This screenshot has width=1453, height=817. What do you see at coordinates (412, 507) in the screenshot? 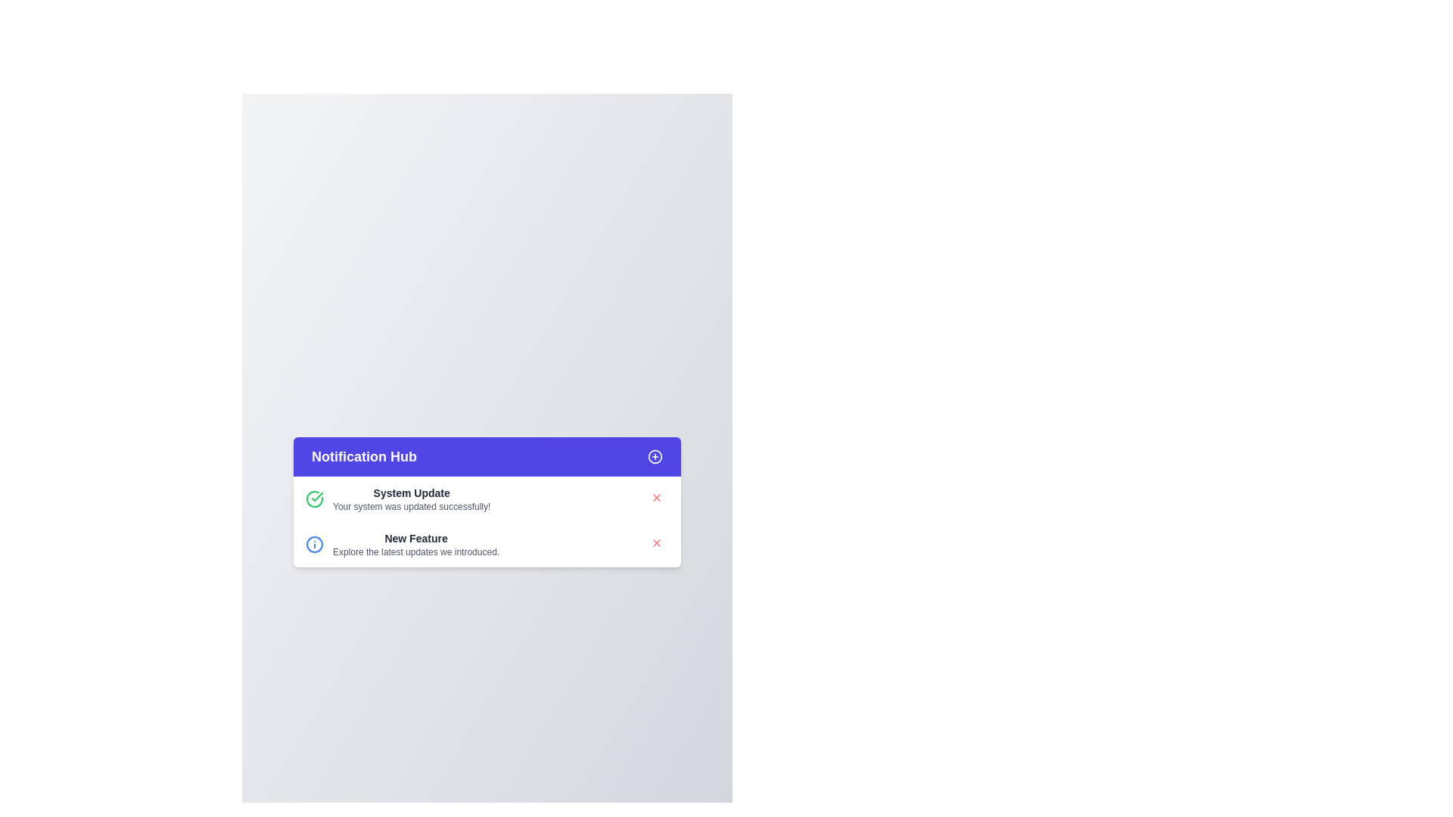
I see `the text label that reads 'Your system was updated successfully!' located beneath the 'System Update' heading in the 'Notification Hub' card` at bounding box center [412, 507].